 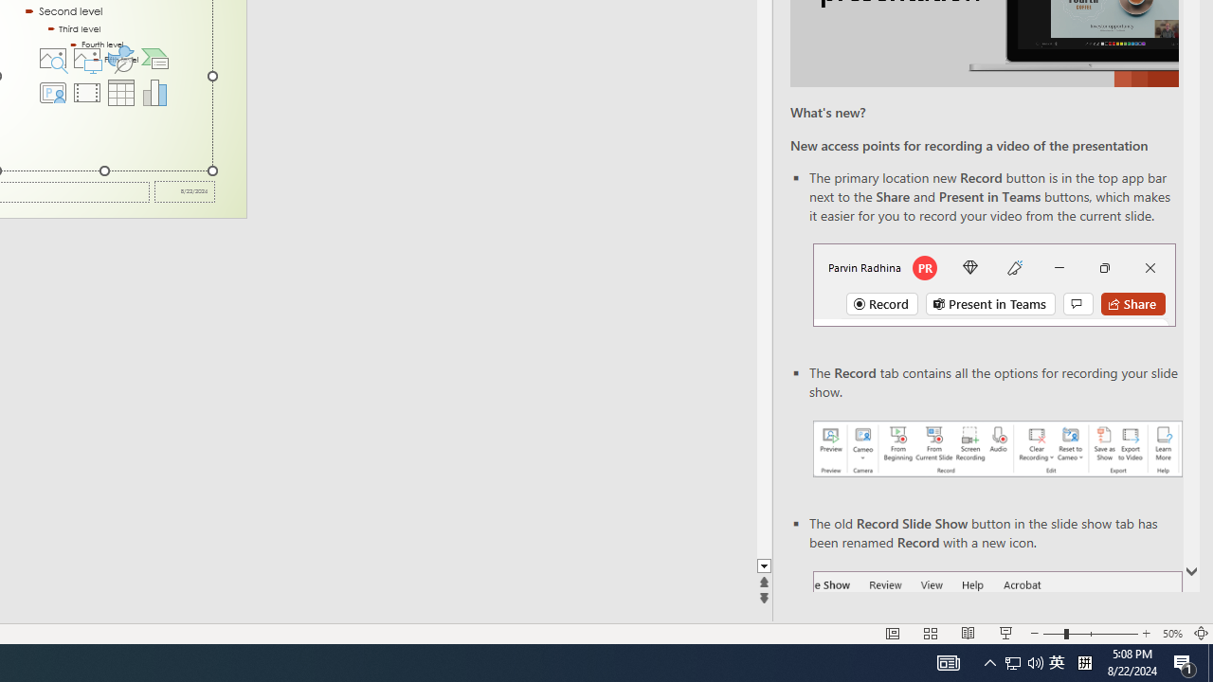 What do you see at coordinates (85, 57) in the screenshot?
I see `'Pictures'` at bounding box center [85, 57].